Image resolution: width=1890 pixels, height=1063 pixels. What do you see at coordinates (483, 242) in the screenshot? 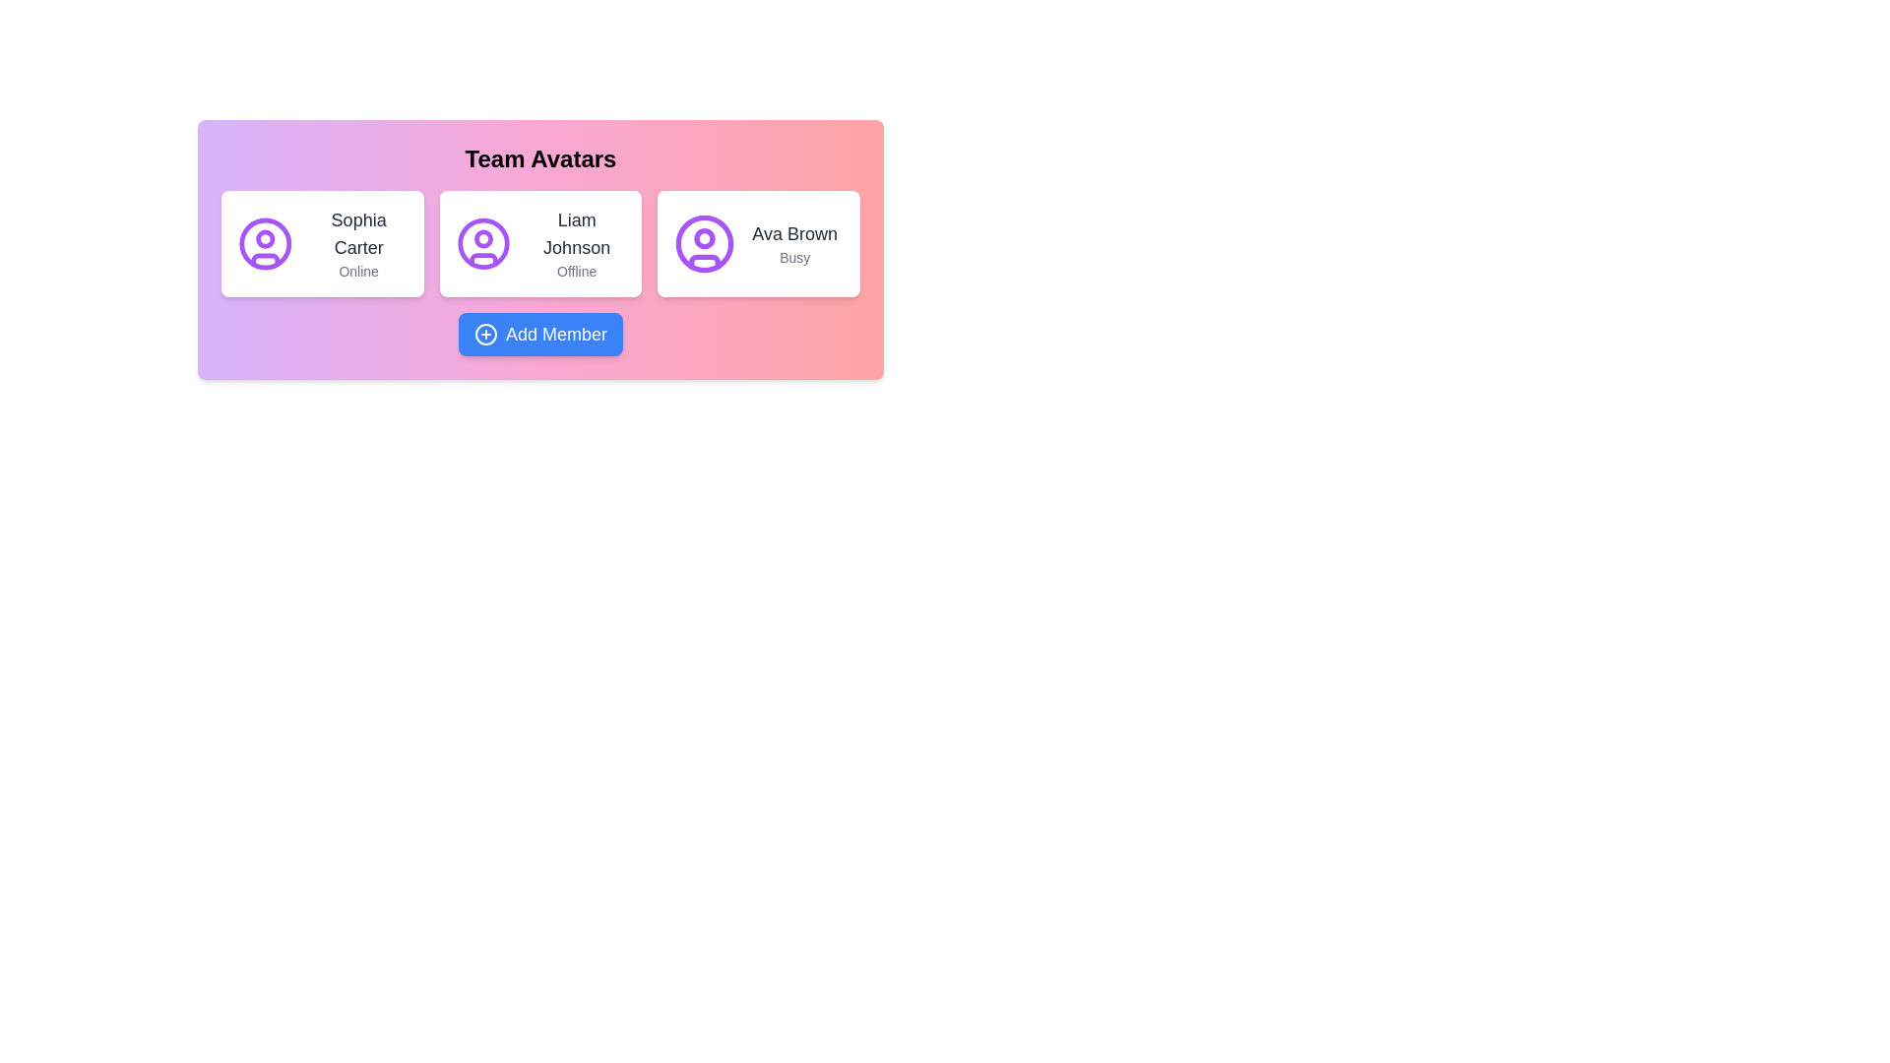
I see `the central light purple circular outline of the avatar icon representing user 'Liam Johnson'` at bounding box center [483, 242].